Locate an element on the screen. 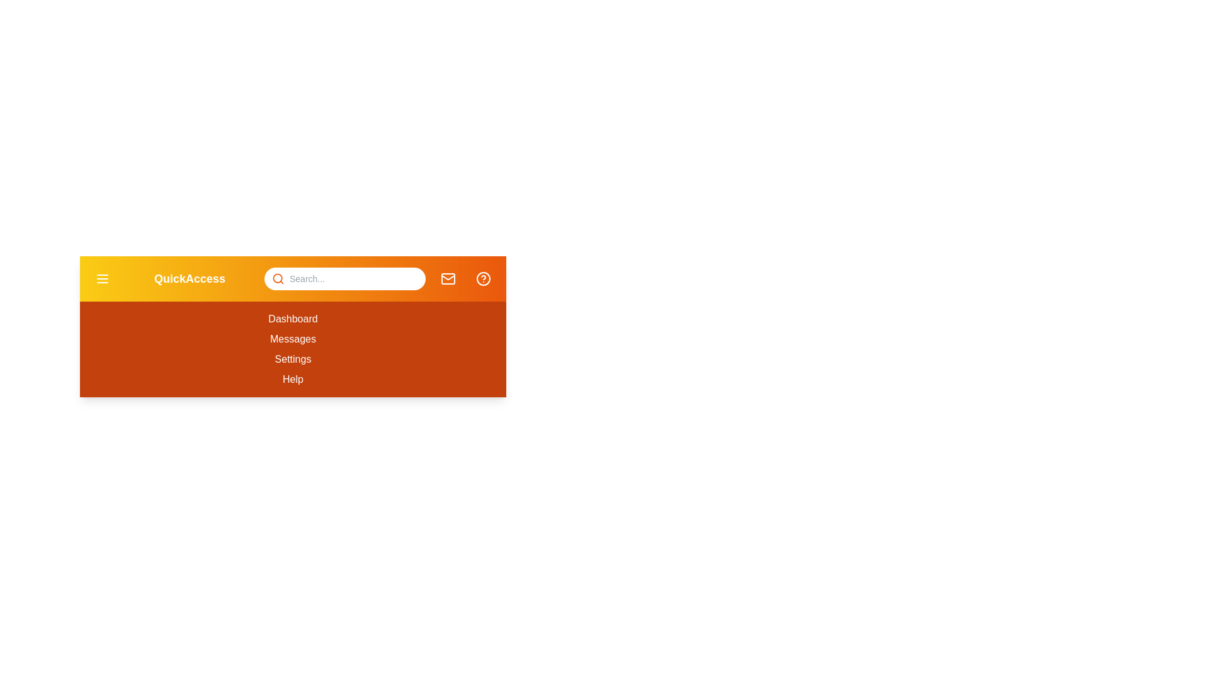 Image resolution: width=1209 pixels, height=680 pixels. the menu toggle button located in the top navigation bar, adjacent to the 'QuickAccess' label is located at coordinates (103, 278).